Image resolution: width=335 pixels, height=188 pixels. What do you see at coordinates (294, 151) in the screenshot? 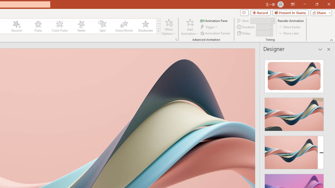
I see `'Design Idea'` at bounding box center [294, 151].